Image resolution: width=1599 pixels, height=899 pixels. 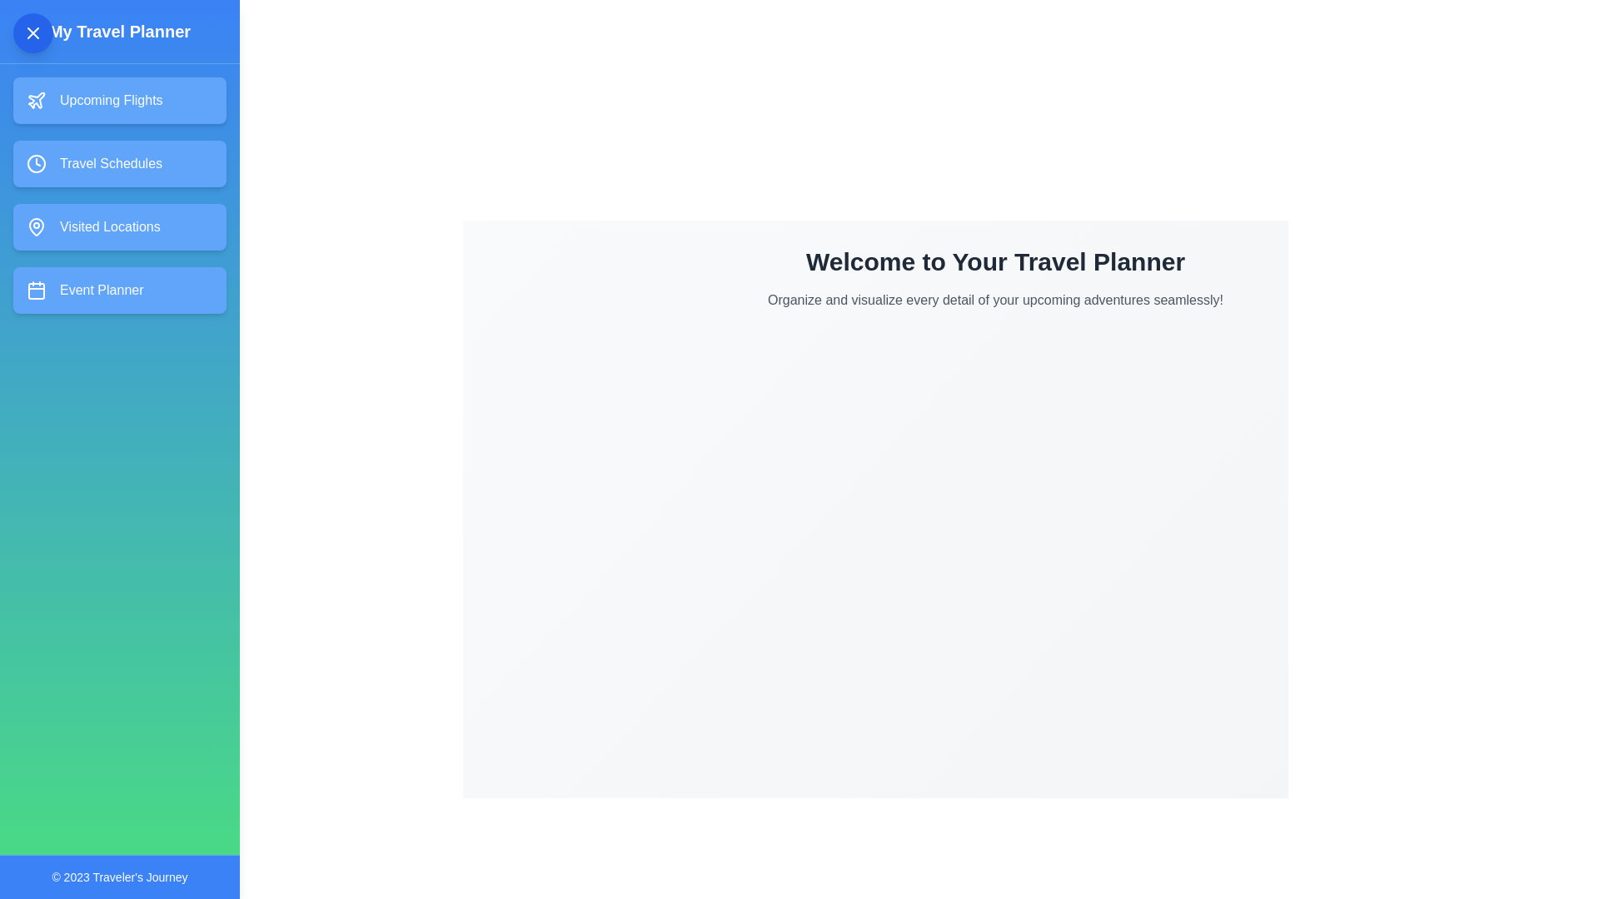 What do you see at coordinates (32, 32) in the screenshot?
I see `the circular close button with a blue background and white 'X' icon located at the top left corner of the interface` at bounding box center [32, 32].